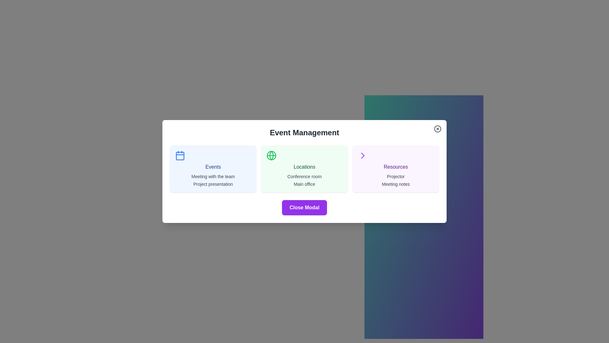  What do you see at coordinates (304, 169) in the screenshot?
I see `the light green card titled 'Locations' that contains a globe icon and text for 'Conference room' and 'Main office' in the Event Management modal` at bounding box center [304, 169].